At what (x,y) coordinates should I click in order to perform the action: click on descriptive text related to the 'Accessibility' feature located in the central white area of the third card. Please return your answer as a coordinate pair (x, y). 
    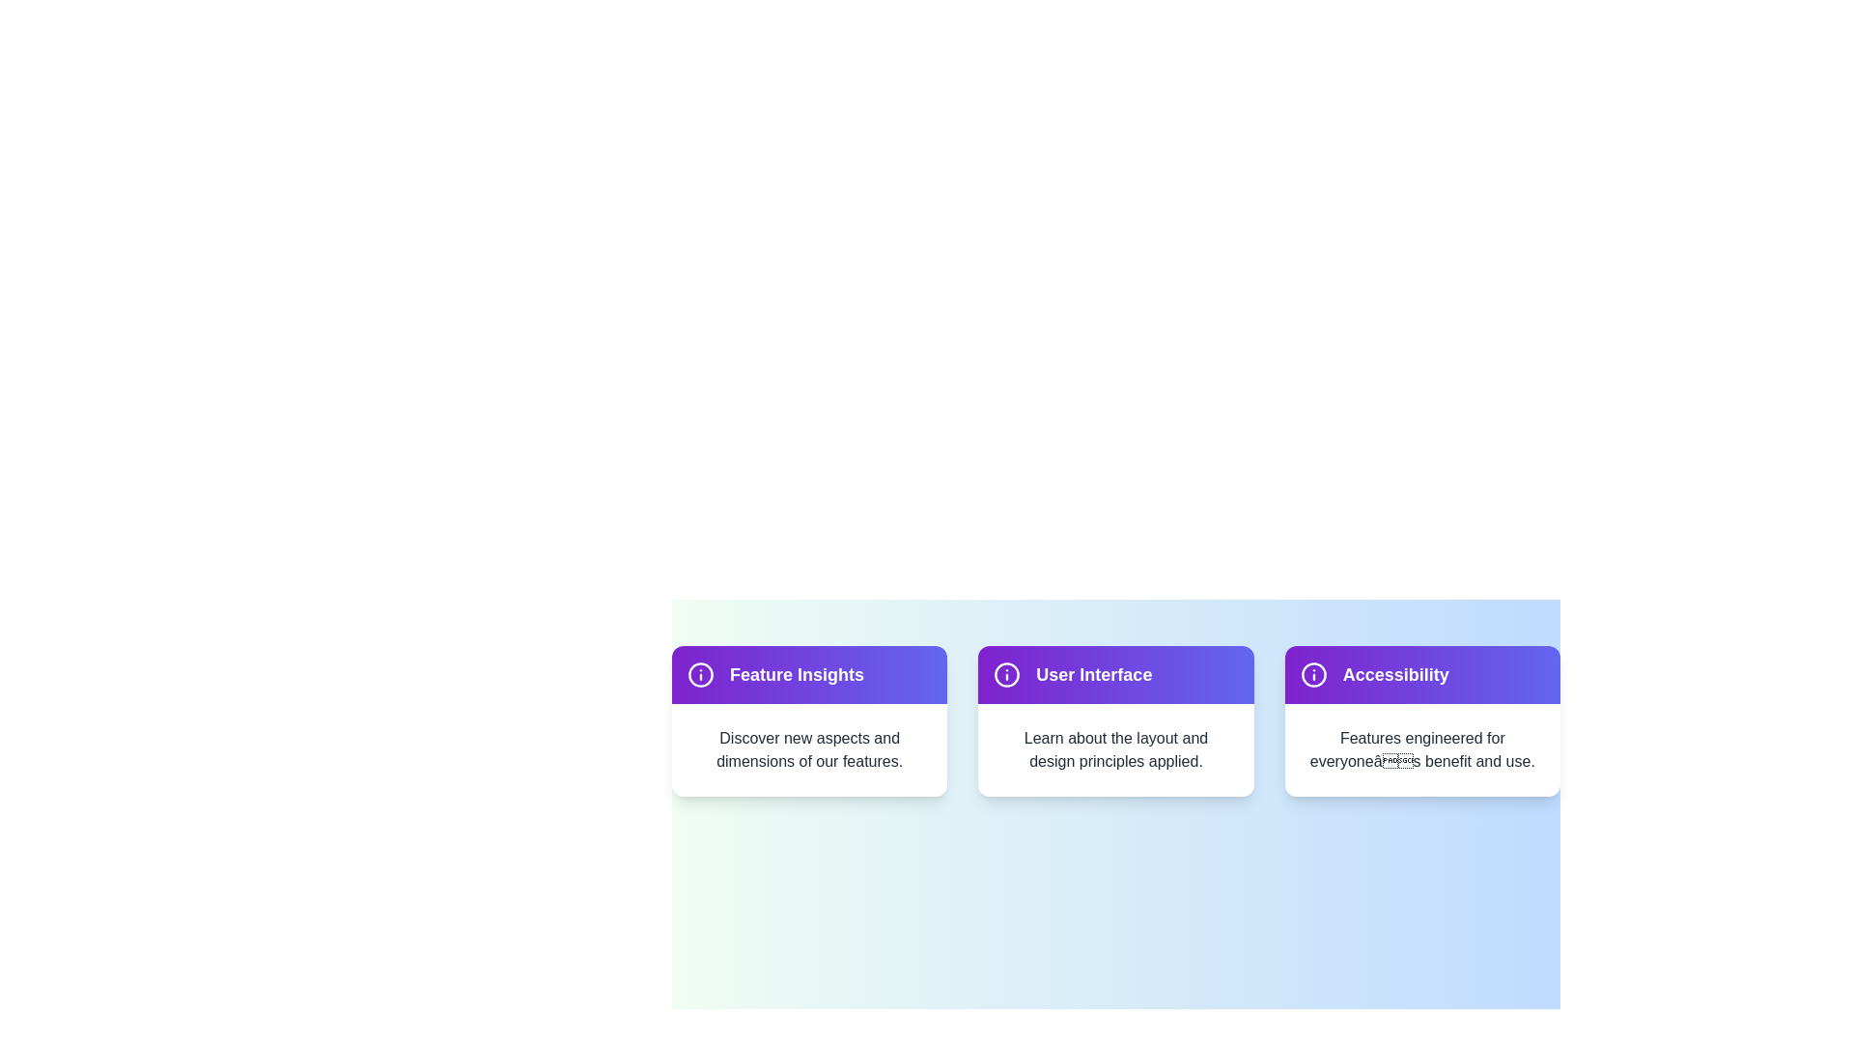
    Looking at the image, I should click on (1422, 748).